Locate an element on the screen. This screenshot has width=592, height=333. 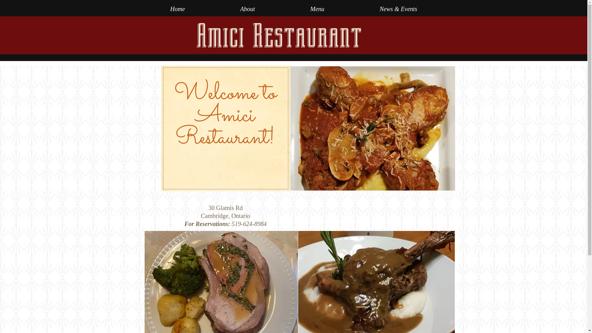
'About' is located at coordinates (213, 9).